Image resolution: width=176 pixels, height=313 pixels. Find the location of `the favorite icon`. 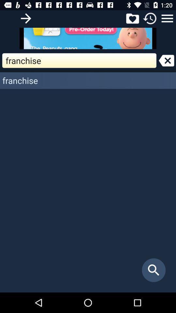

the favorite icon is located at coordinates (132, 18).